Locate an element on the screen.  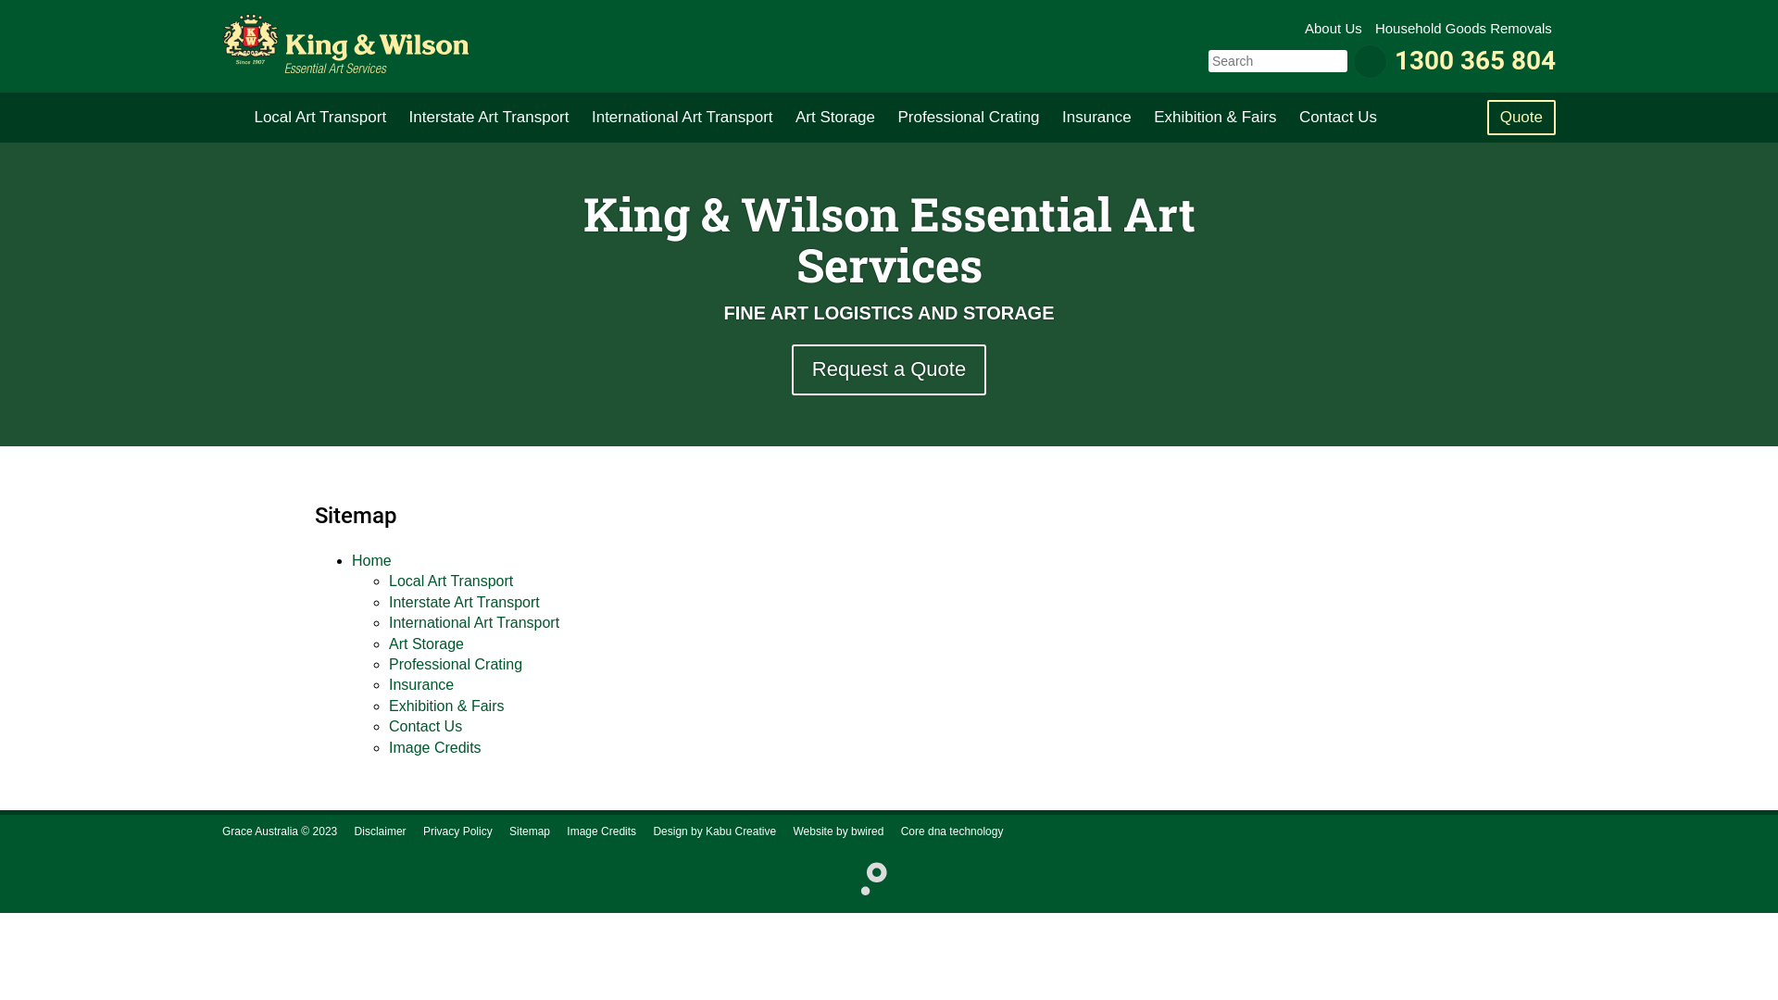
'Exhibition & Fairs' is located at coordinates (1214, 118).